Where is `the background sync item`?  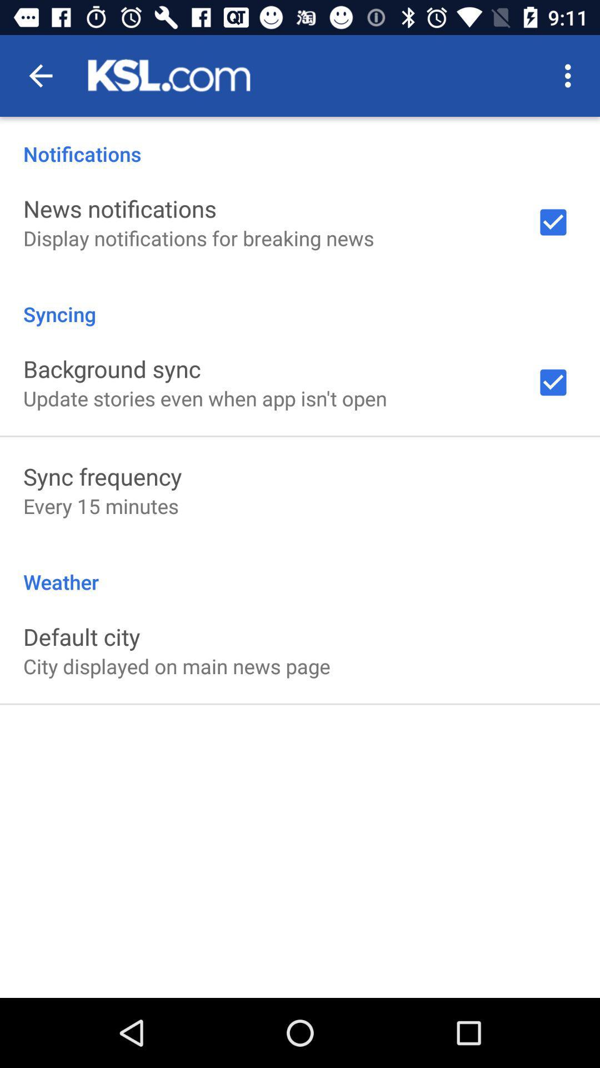 the background sync item is located at coordinates (112, 368).